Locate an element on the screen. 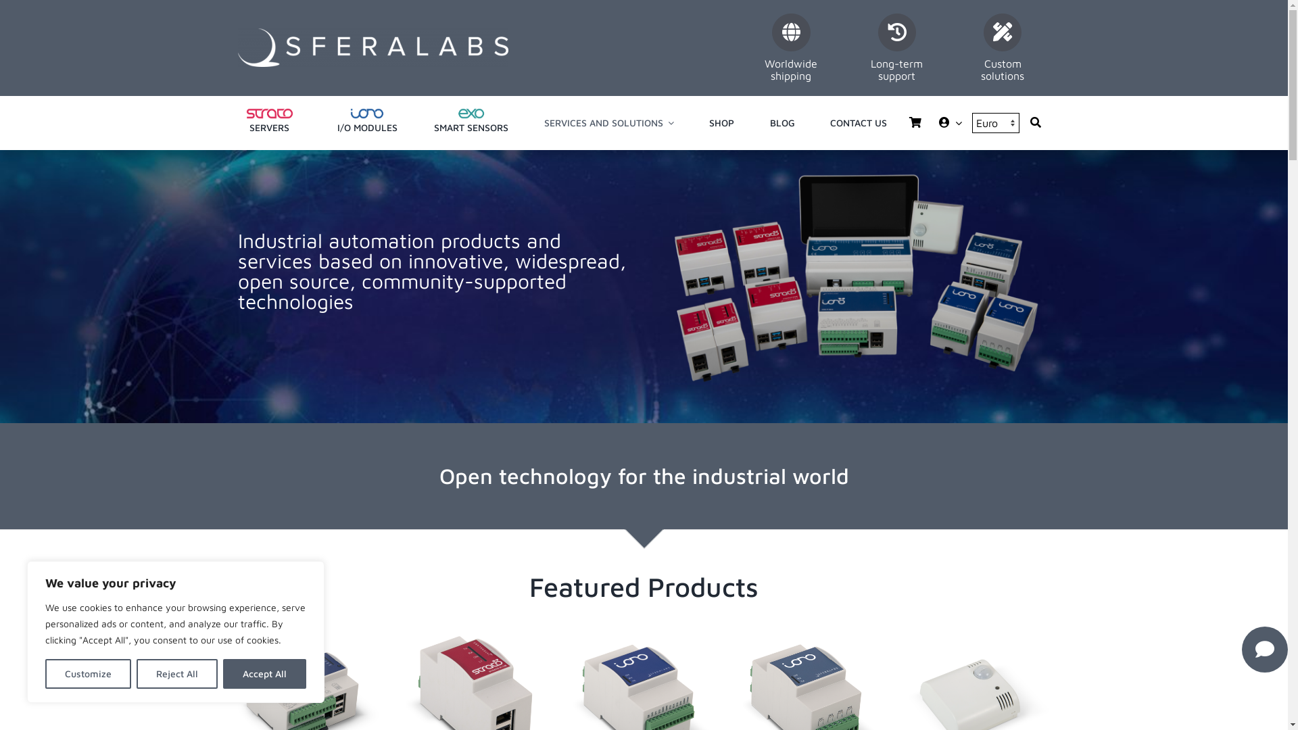  'SMART SENSORS' is located at coordinates (471, 122).